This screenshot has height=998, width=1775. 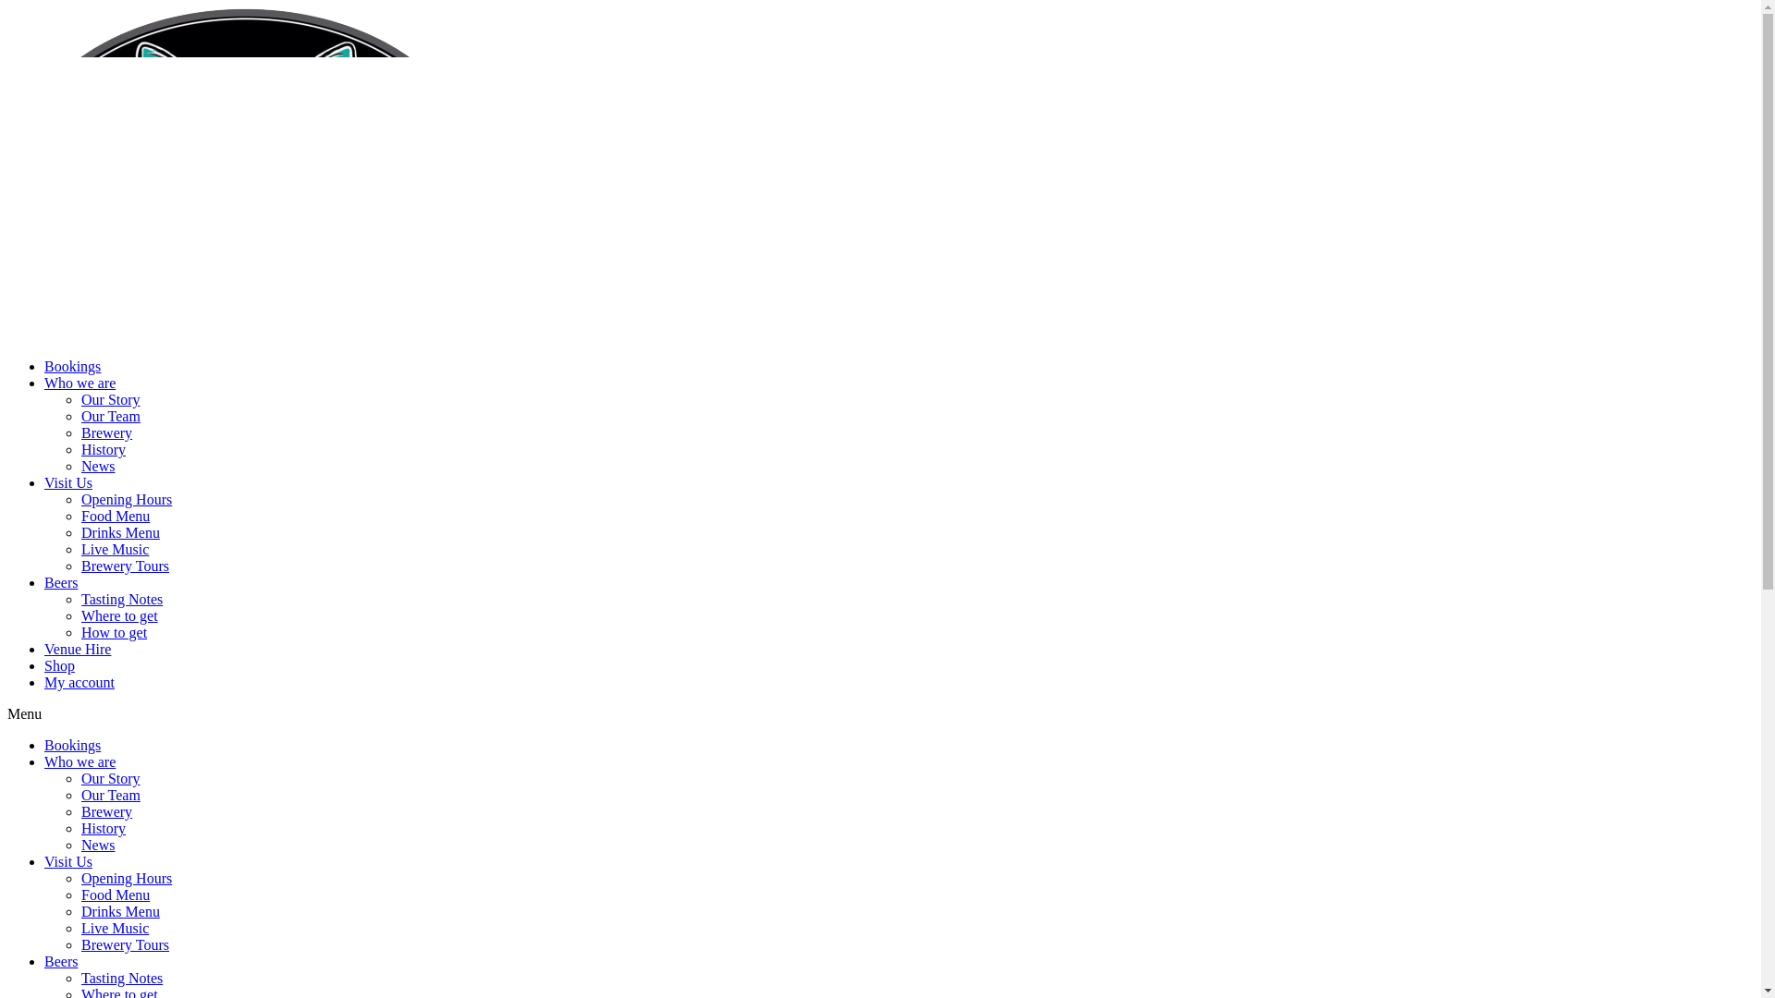 What do you see at coordinates (79, 682) in the screenshot?
I see `'My account'` at bounding box center [79, 682].